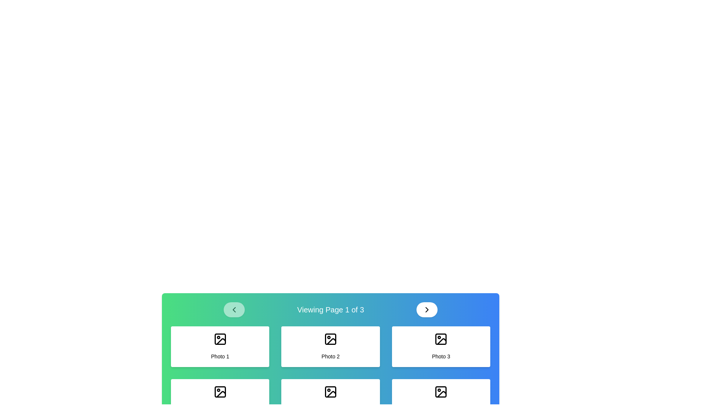  I want to click on the rounded white button with a leftward chevron icon, located on the left side of the navigation panel labeled 'Viewing Page 1 of 3', to change its appearance, so click(233, 309).